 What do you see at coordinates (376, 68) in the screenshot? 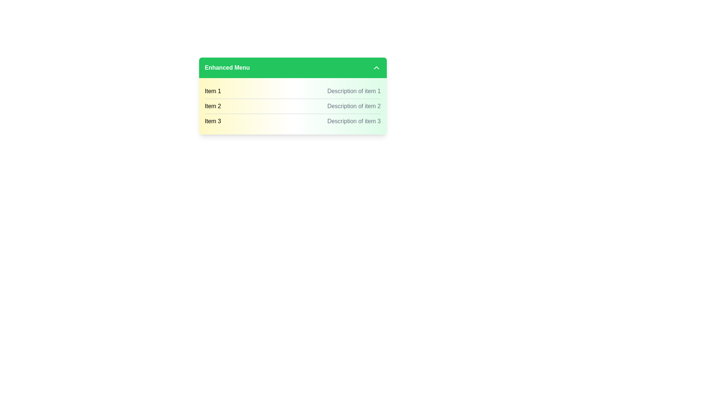
I see `the chevron icon located in the green header bar labeled 'Enhanced Menu'` at bounding box center [376, 68].